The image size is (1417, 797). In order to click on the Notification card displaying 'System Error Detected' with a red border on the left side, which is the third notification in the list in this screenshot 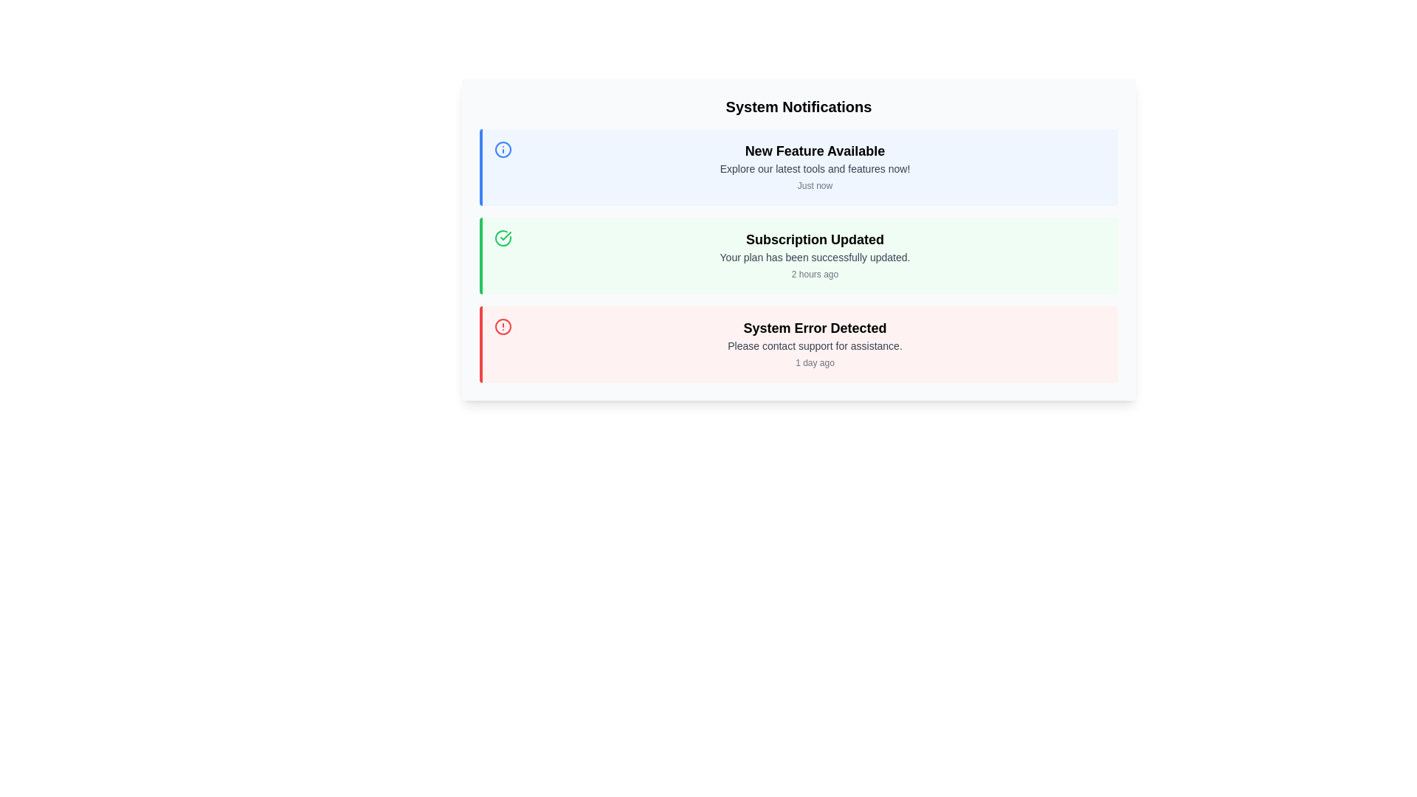, I will do `click(798, 344)`.